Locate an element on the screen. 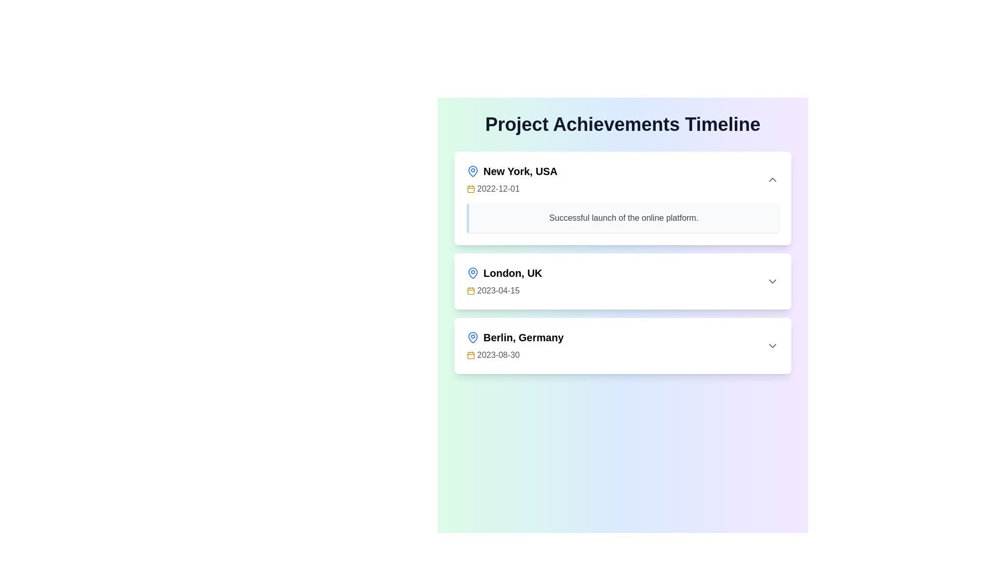  the date text label that displays the date associated with 'London, UK', which is positioned directly beneath the location text and aligns with a yellow calendar icon is located at coordinates (504, 290).